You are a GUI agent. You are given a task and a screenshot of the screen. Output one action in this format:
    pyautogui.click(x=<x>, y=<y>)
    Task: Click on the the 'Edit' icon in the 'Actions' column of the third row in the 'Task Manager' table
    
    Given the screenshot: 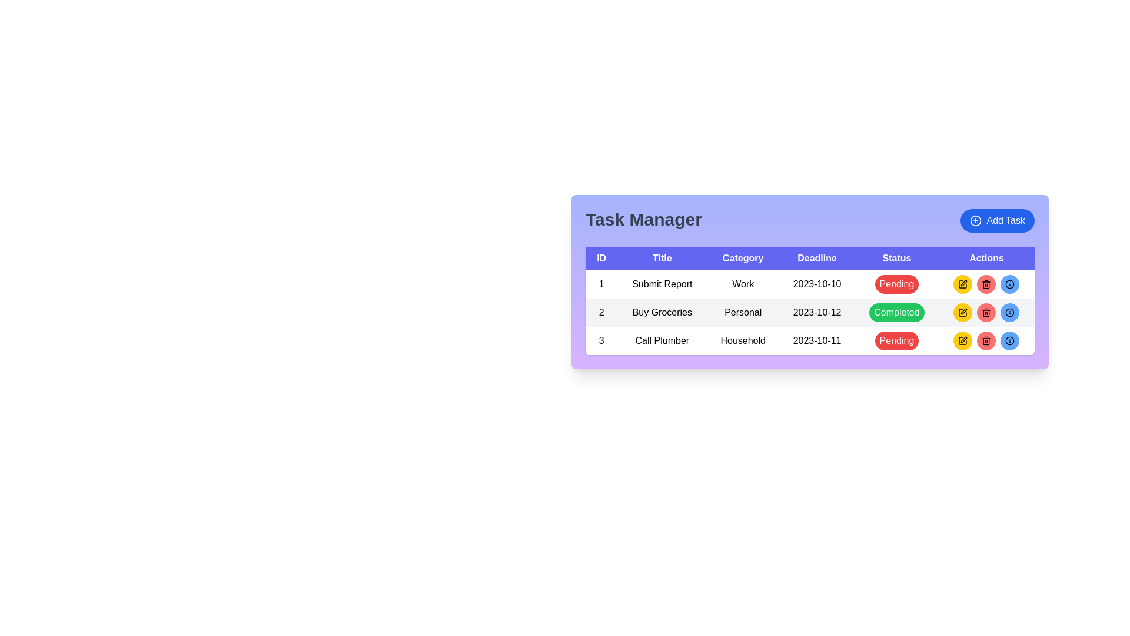 What is the action you would take?
    pyautogui.click(x=963, y=284)
    